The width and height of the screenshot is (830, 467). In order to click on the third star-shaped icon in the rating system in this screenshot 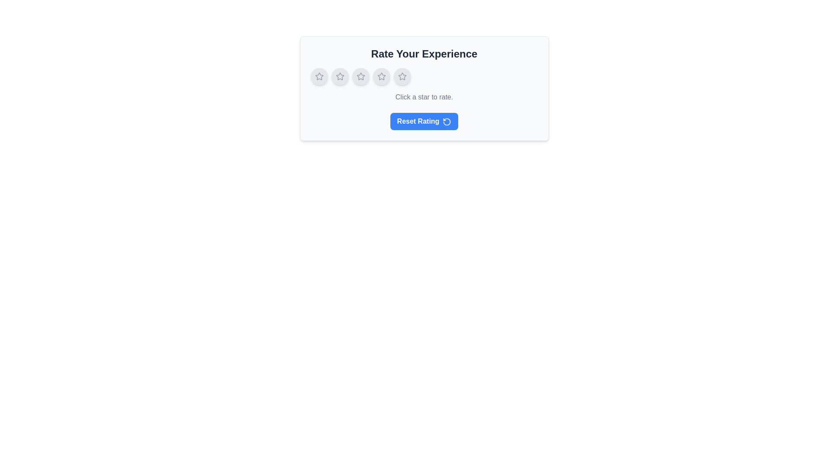, I will do `click(381, 76)`.